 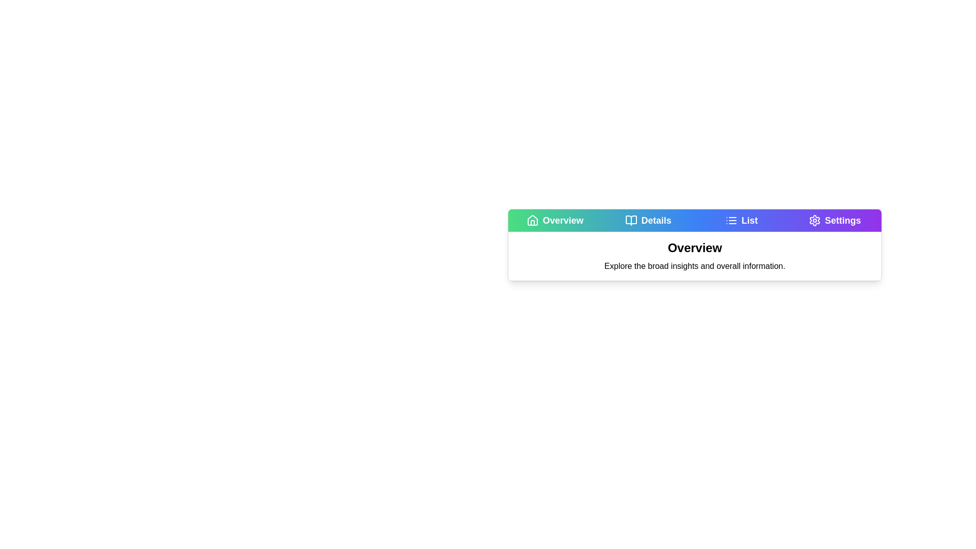 I want to click on the 'Details' navigation button located in the horizontal navigation bar, which is the second button from the left, so click(x=648, y=220).